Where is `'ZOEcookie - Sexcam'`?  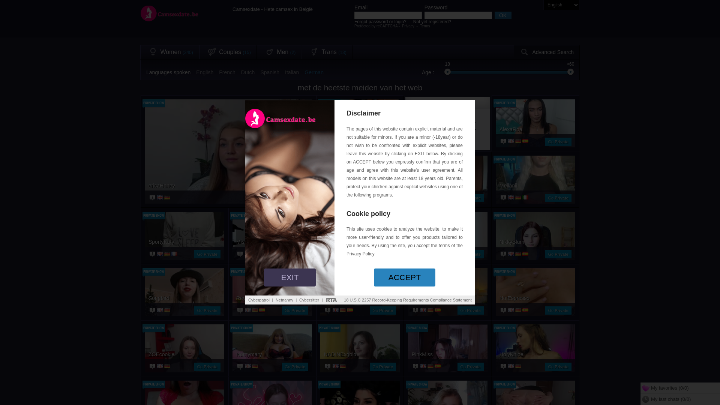 'ZOEcookie - Sexcam' is located at coordinates (184, 354).